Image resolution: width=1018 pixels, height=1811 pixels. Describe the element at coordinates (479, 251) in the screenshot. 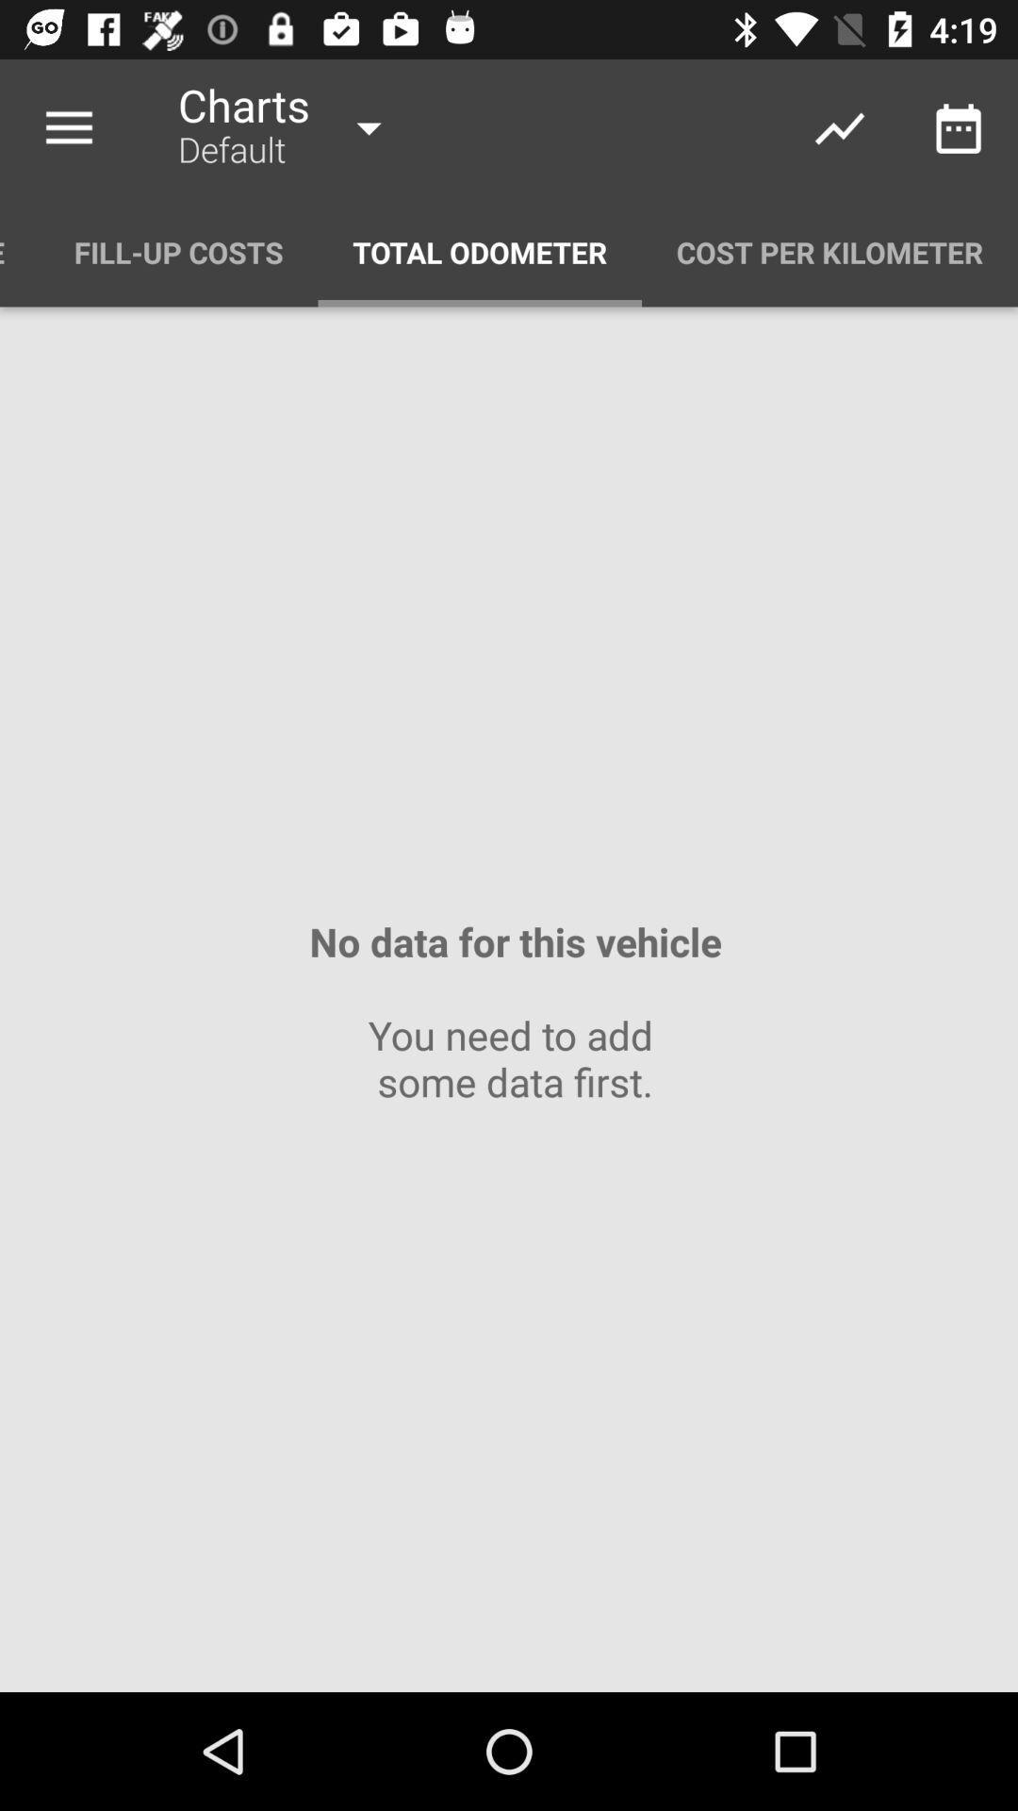

I see `the item next to the fill-up costs icon` at that location.